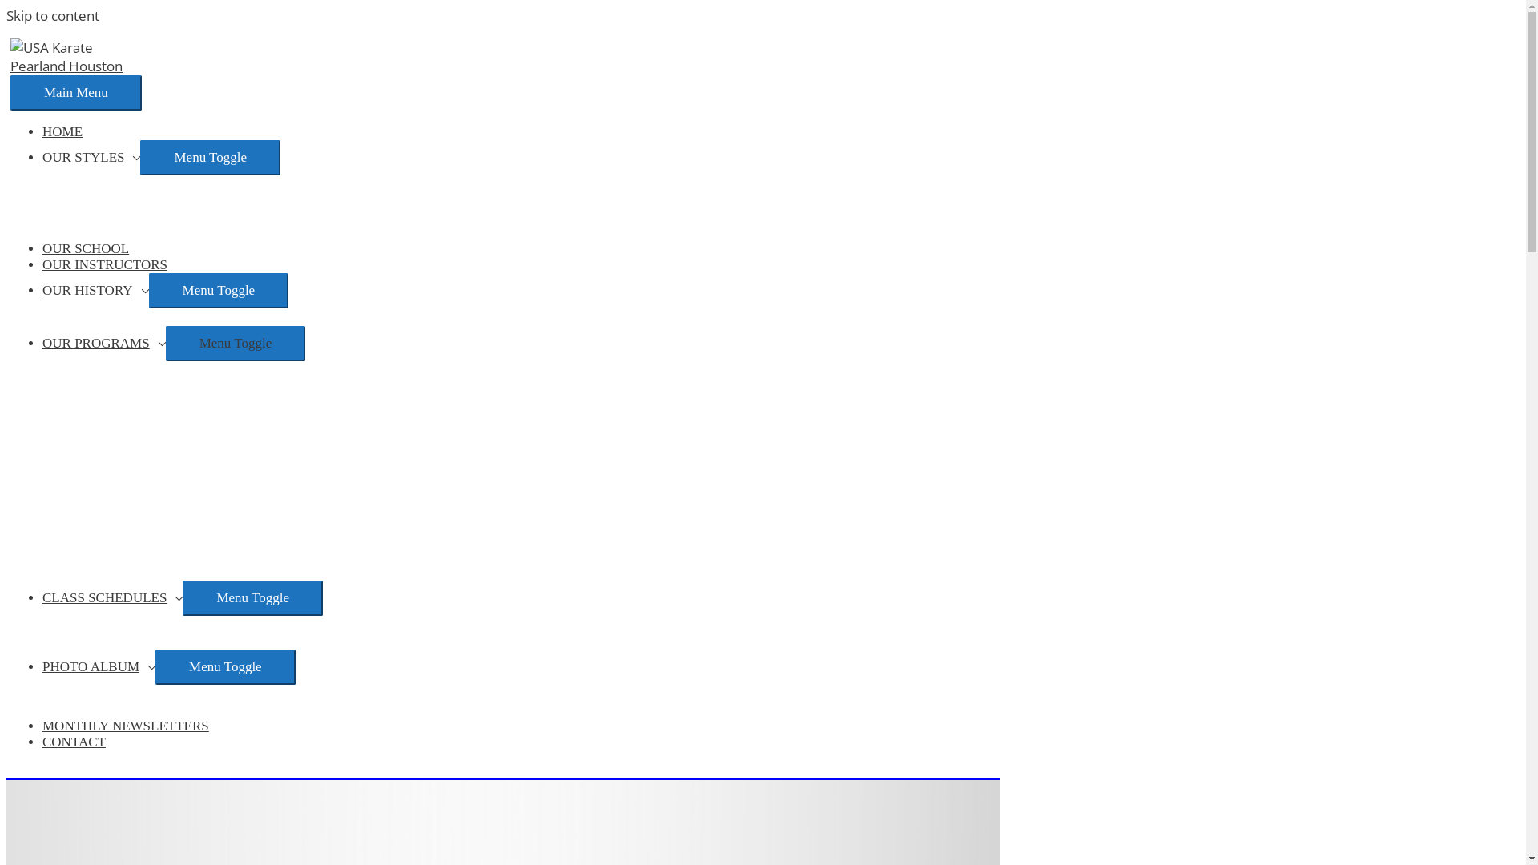 The width and height of the screenshot is (1538, 865). What do you see at coordinates (149, 290) in the screenshot?
I see `'Menu Toggle'` at bounding box center [149, 290].